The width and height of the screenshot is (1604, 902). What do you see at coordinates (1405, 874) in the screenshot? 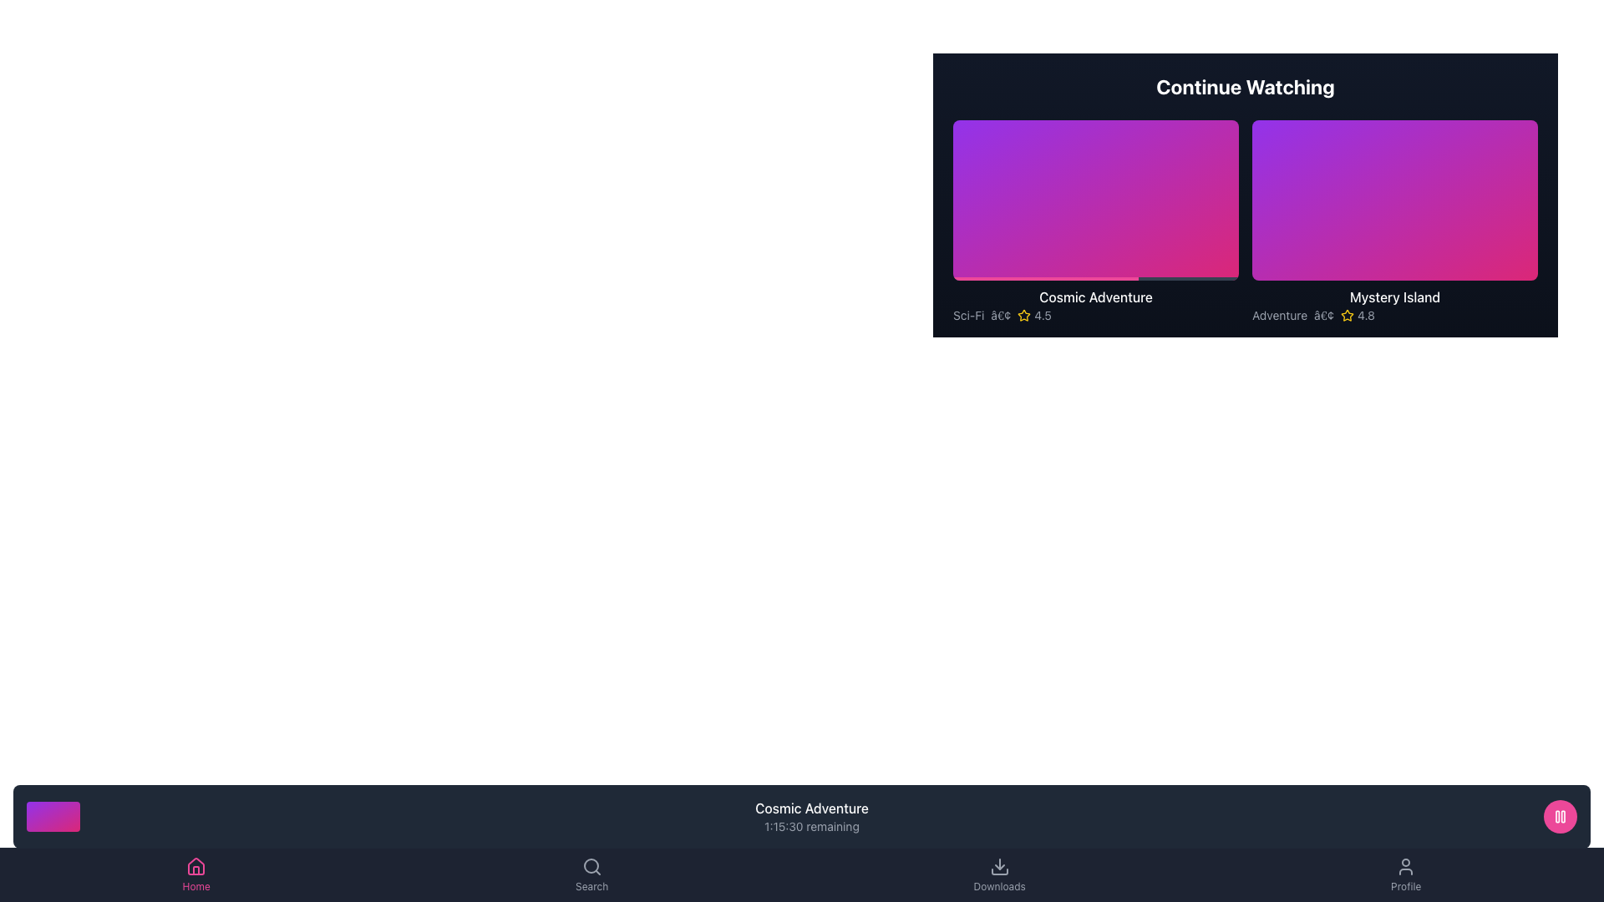
I see `the navigation button located in the bottom navigation bar on the far-right side` at bounding box center [1405, 874].